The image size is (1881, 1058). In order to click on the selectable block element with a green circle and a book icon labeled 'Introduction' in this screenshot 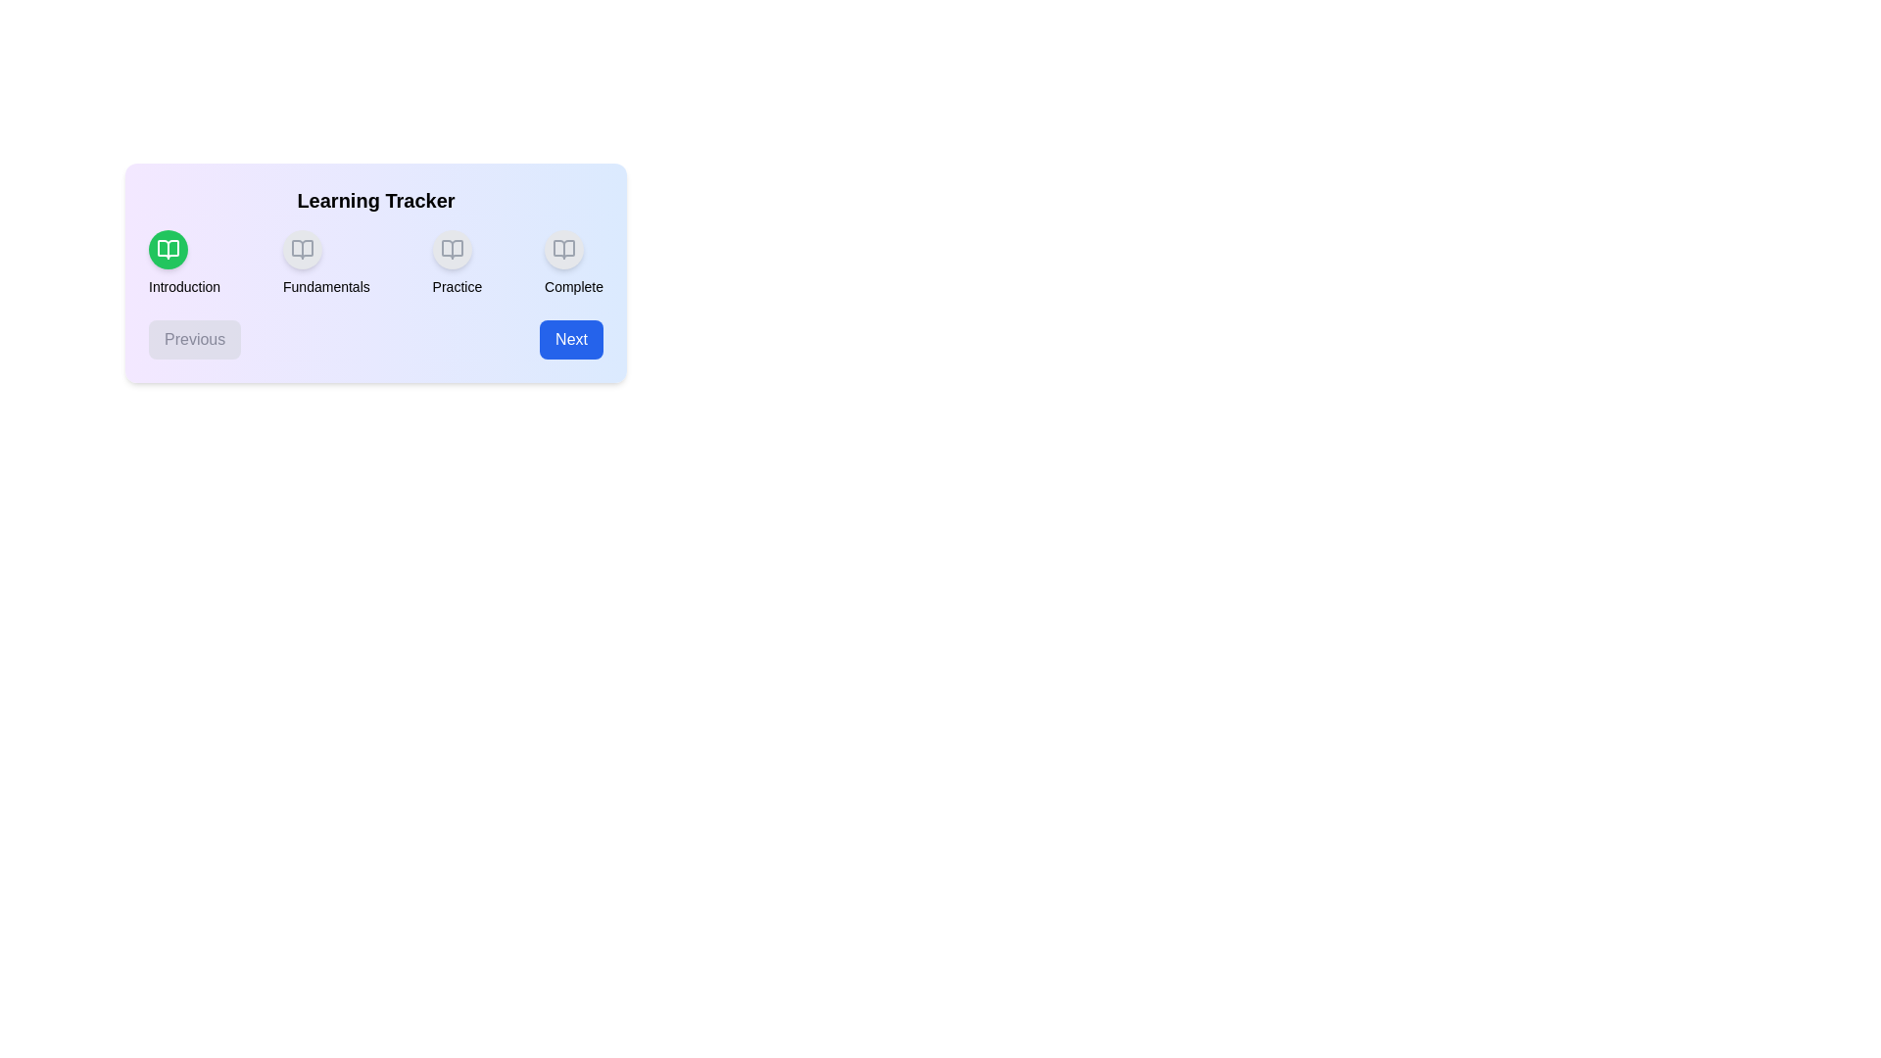, I will do `click(184, 263)`.